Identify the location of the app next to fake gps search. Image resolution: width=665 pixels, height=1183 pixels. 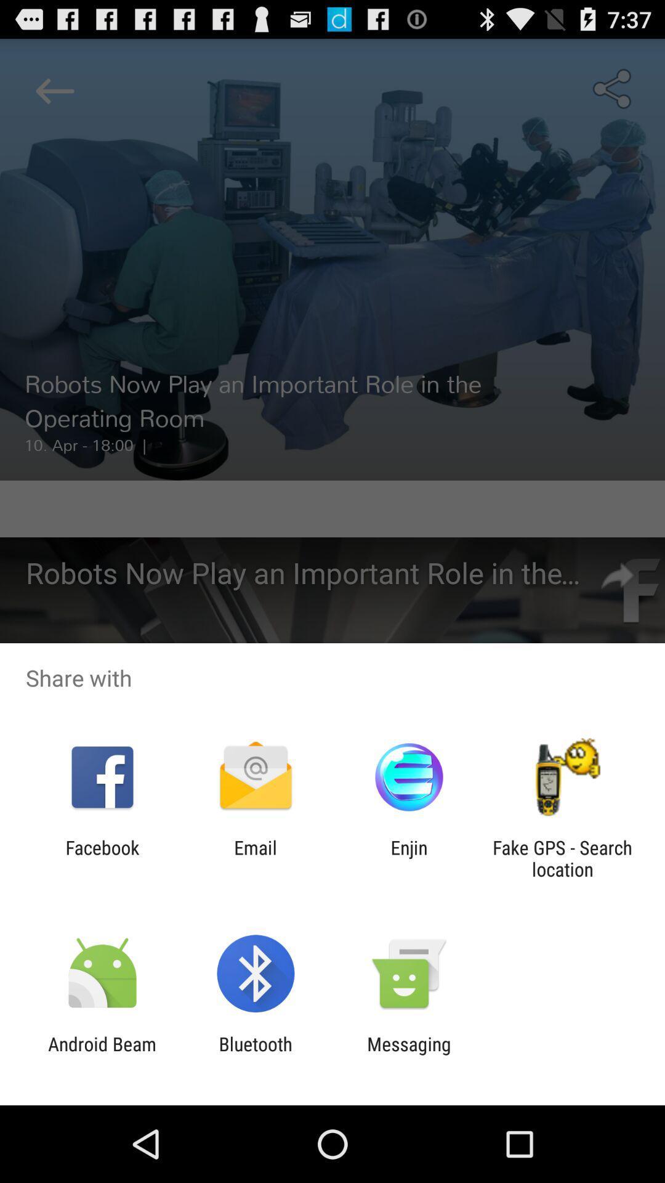
(409, 858).